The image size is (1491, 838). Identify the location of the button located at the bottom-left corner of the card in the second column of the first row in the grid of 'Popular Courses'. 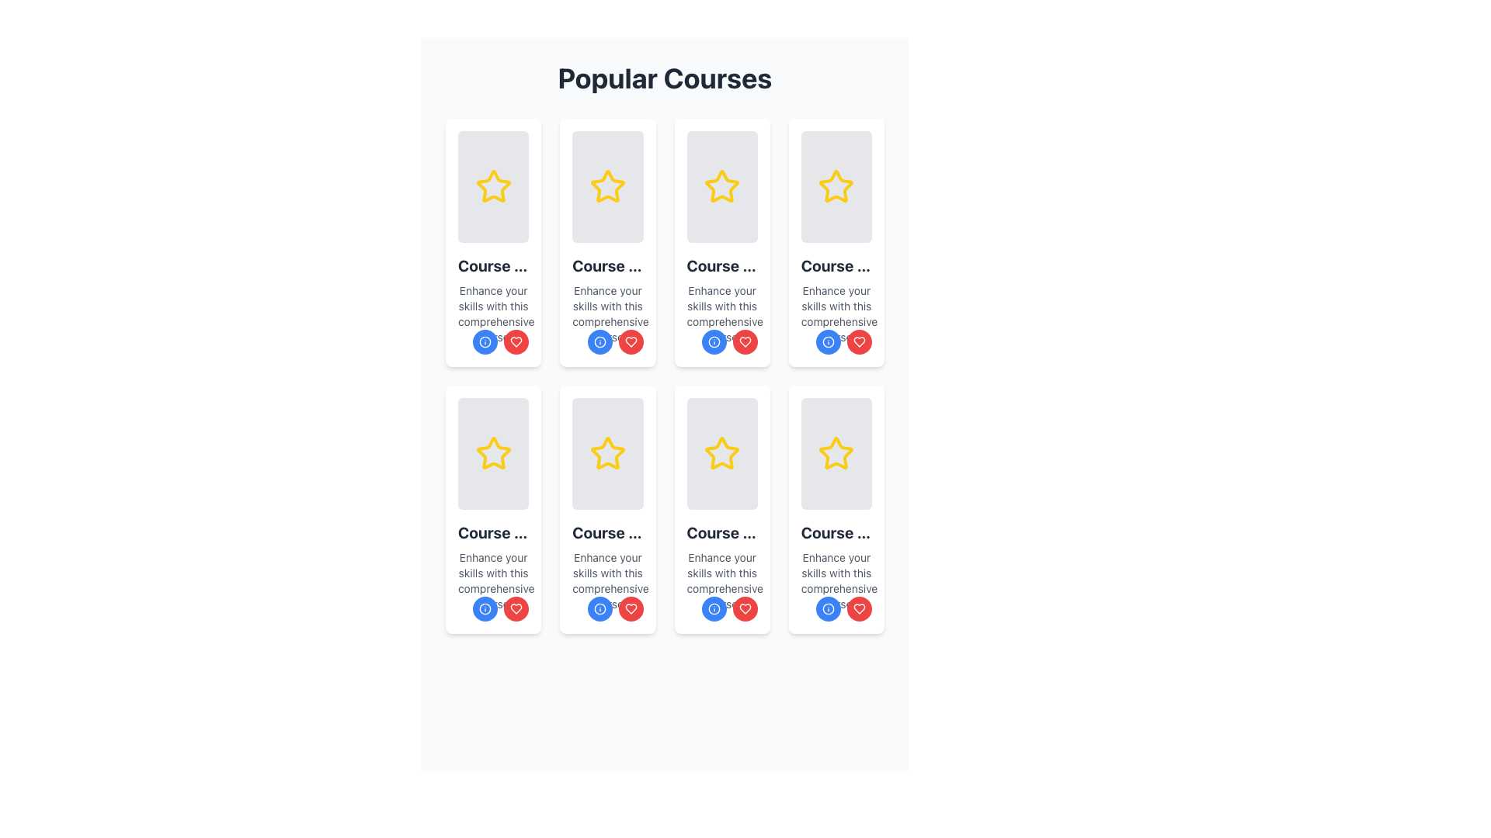
(713, 341).